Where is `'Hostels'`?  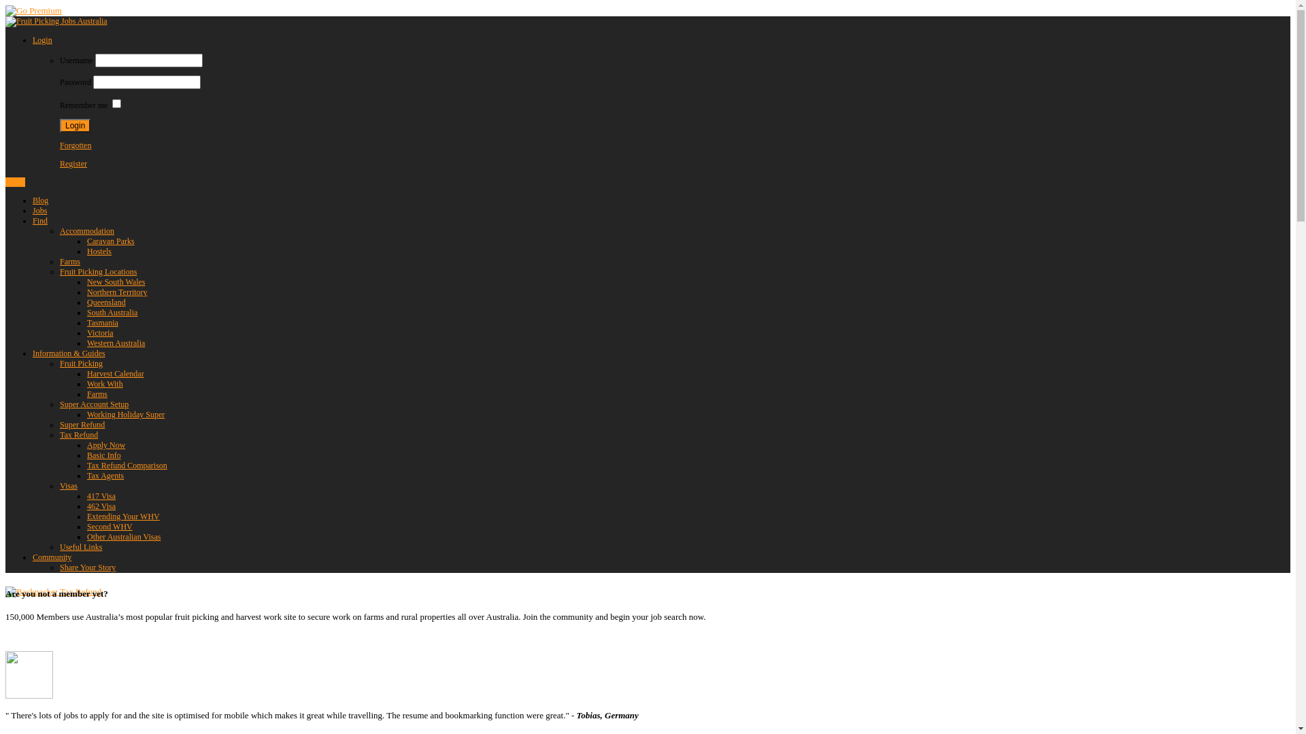 'Hostels' is located at coordinates (98, 251).